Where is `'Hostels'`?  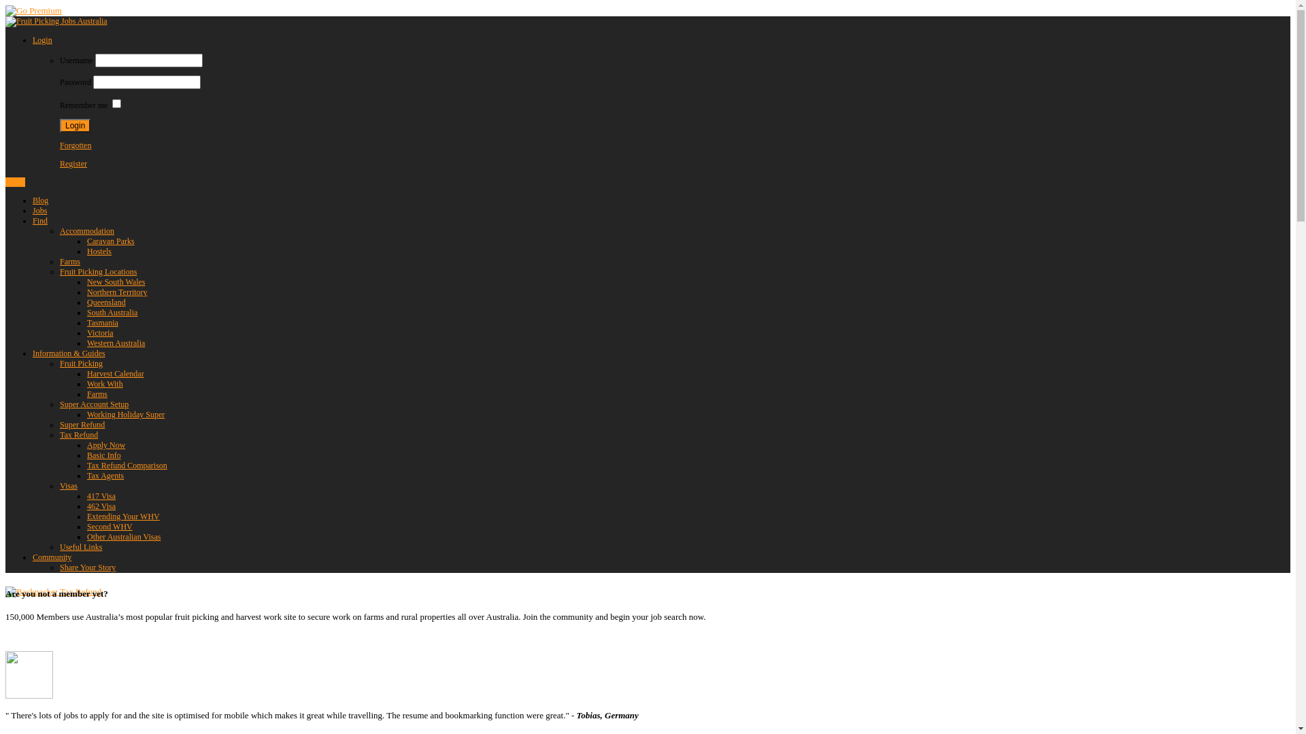 'Hostels' is located at coordinates (98, 251).